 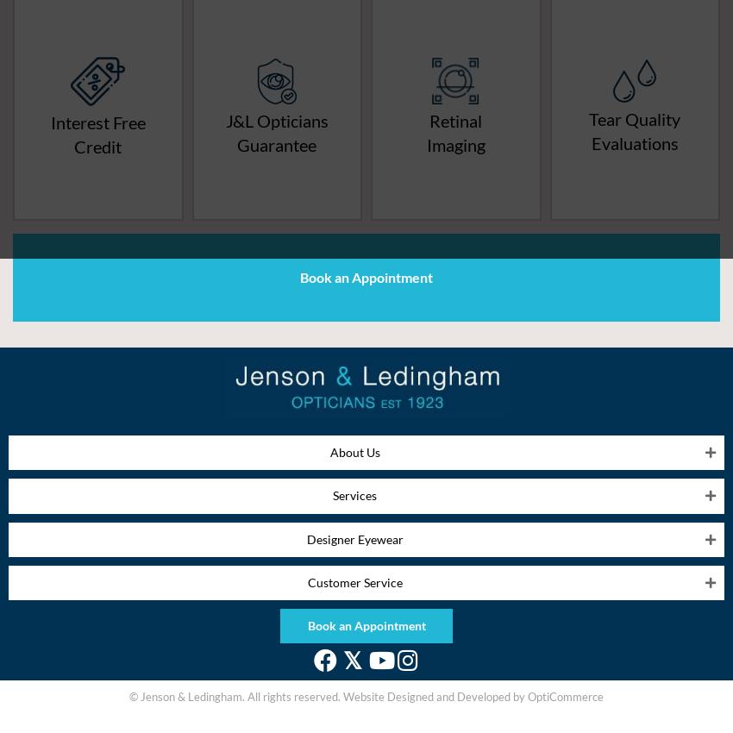 What do you see at coordinates (304, 537) in the screenshot?
I see `'Designer Eyewear'` at bounding box center [304, 537].